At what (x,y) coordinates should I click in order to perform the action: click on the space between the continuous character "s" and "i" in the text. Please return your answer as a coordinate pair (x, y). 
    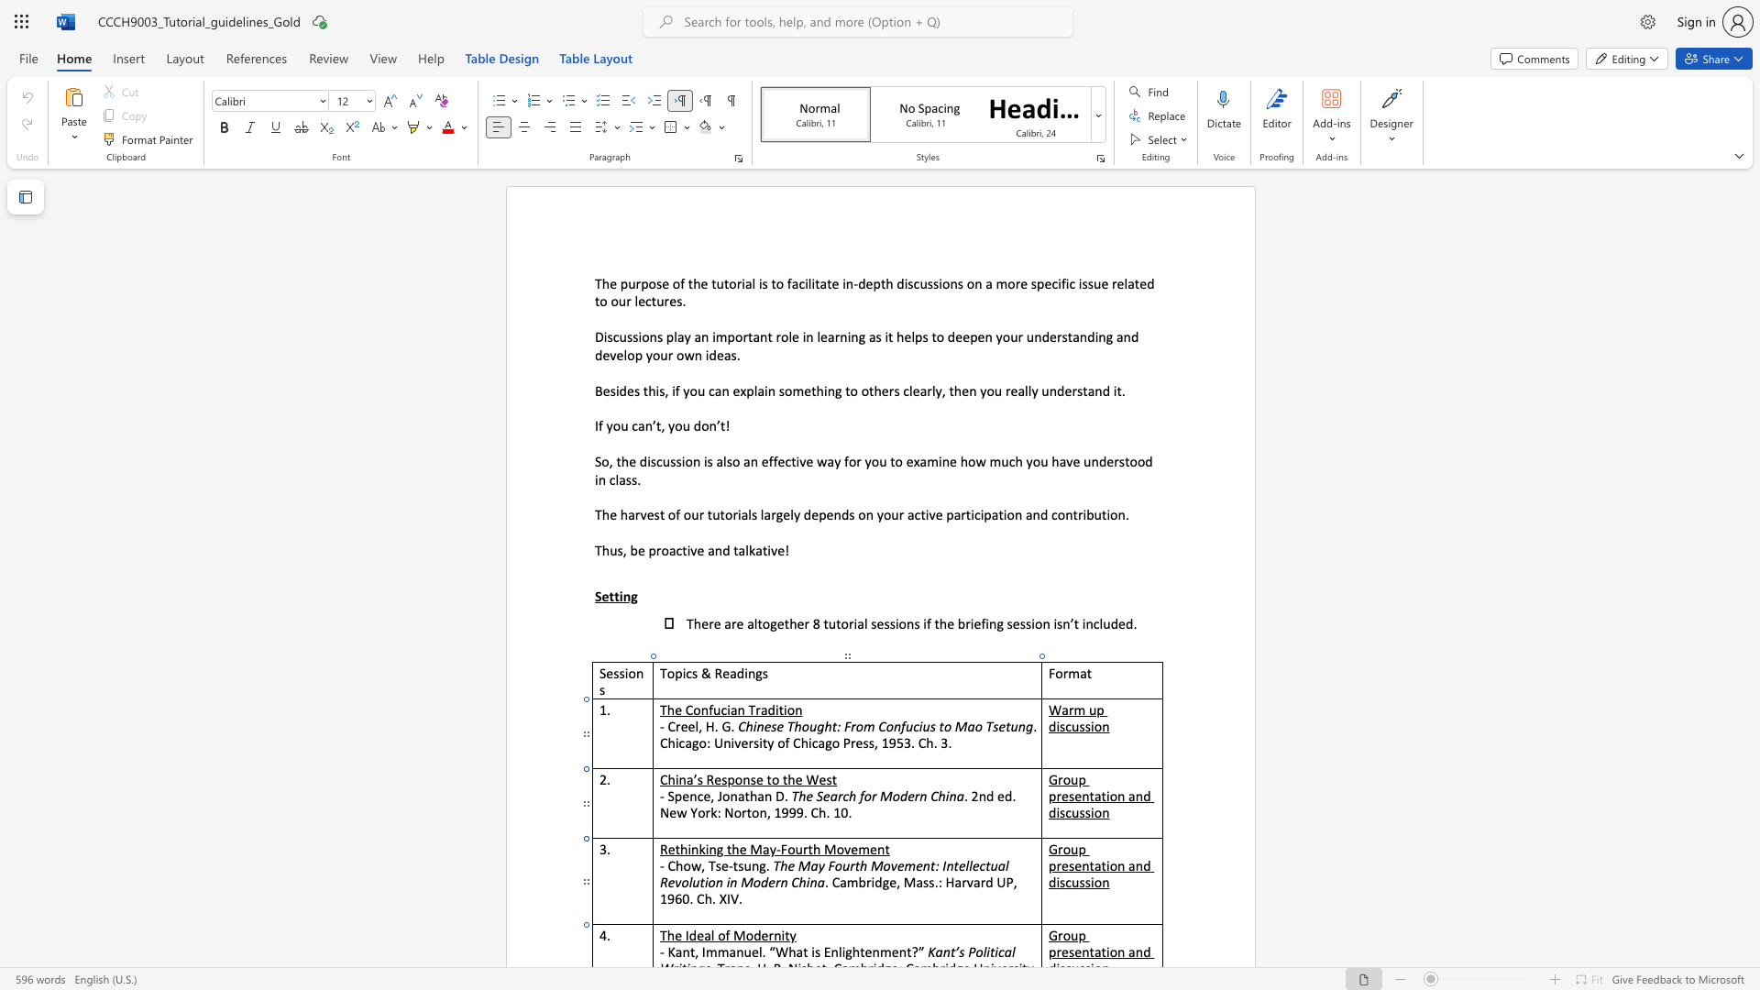
    Looking at the image, I should click on (1090, 881).